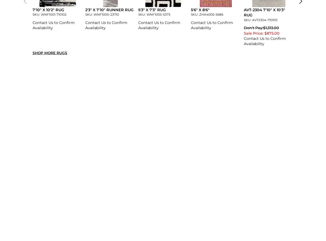  Describe the element at coordinates (32, 120) in the screenshot. I see `'Origin'` at that location.